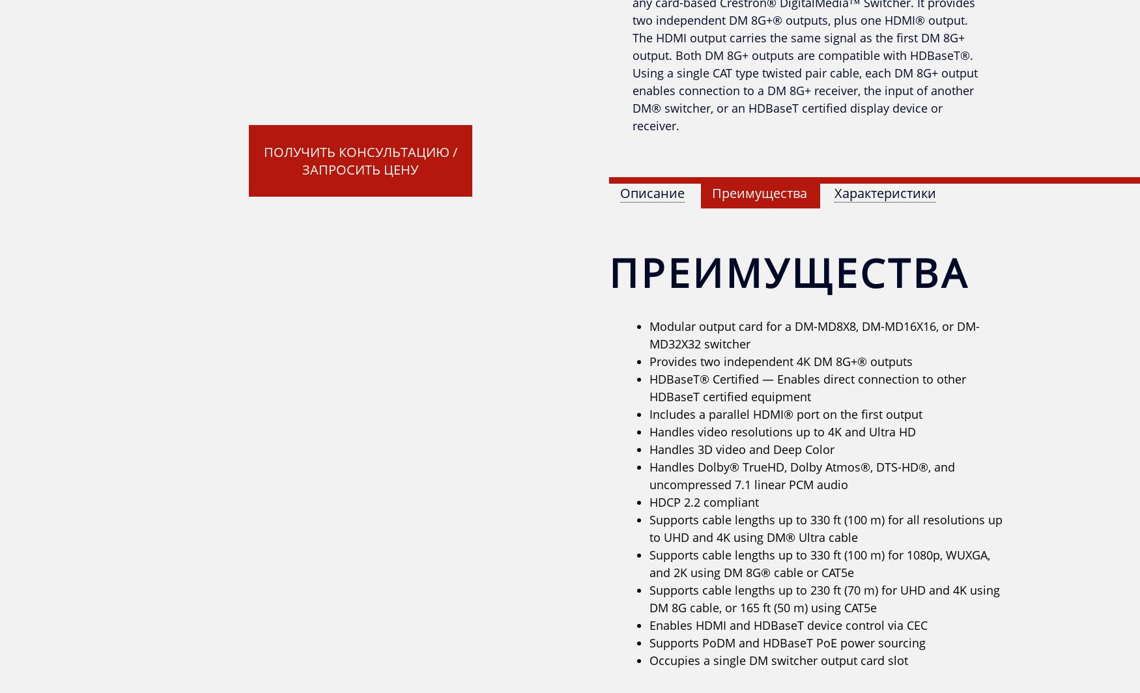  What do you see at coordinates (649, 625) in the screenshot?
I see `'Enables HDMI and HDBaseT device control via CEC'` at bounding box center [649, 625].